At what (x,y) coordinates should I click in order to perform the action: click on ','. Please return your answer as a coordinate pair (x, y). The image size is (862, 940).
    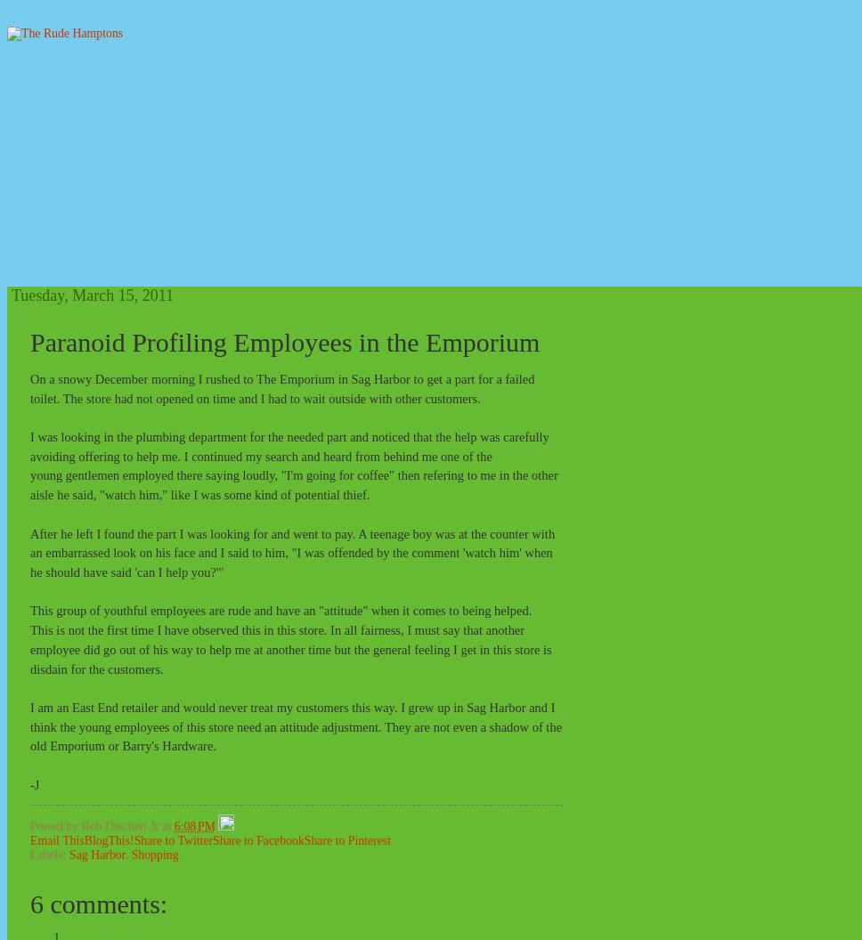
    Looking at the image, I should click on (126, 854).